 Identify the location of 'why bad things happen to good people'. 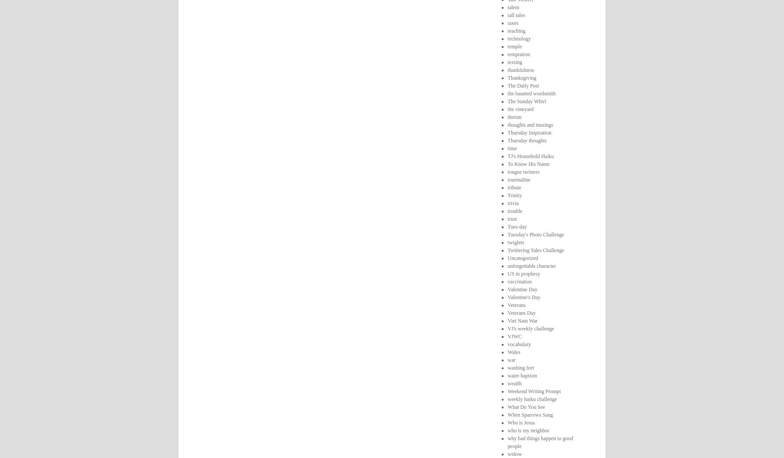
(540, 441).